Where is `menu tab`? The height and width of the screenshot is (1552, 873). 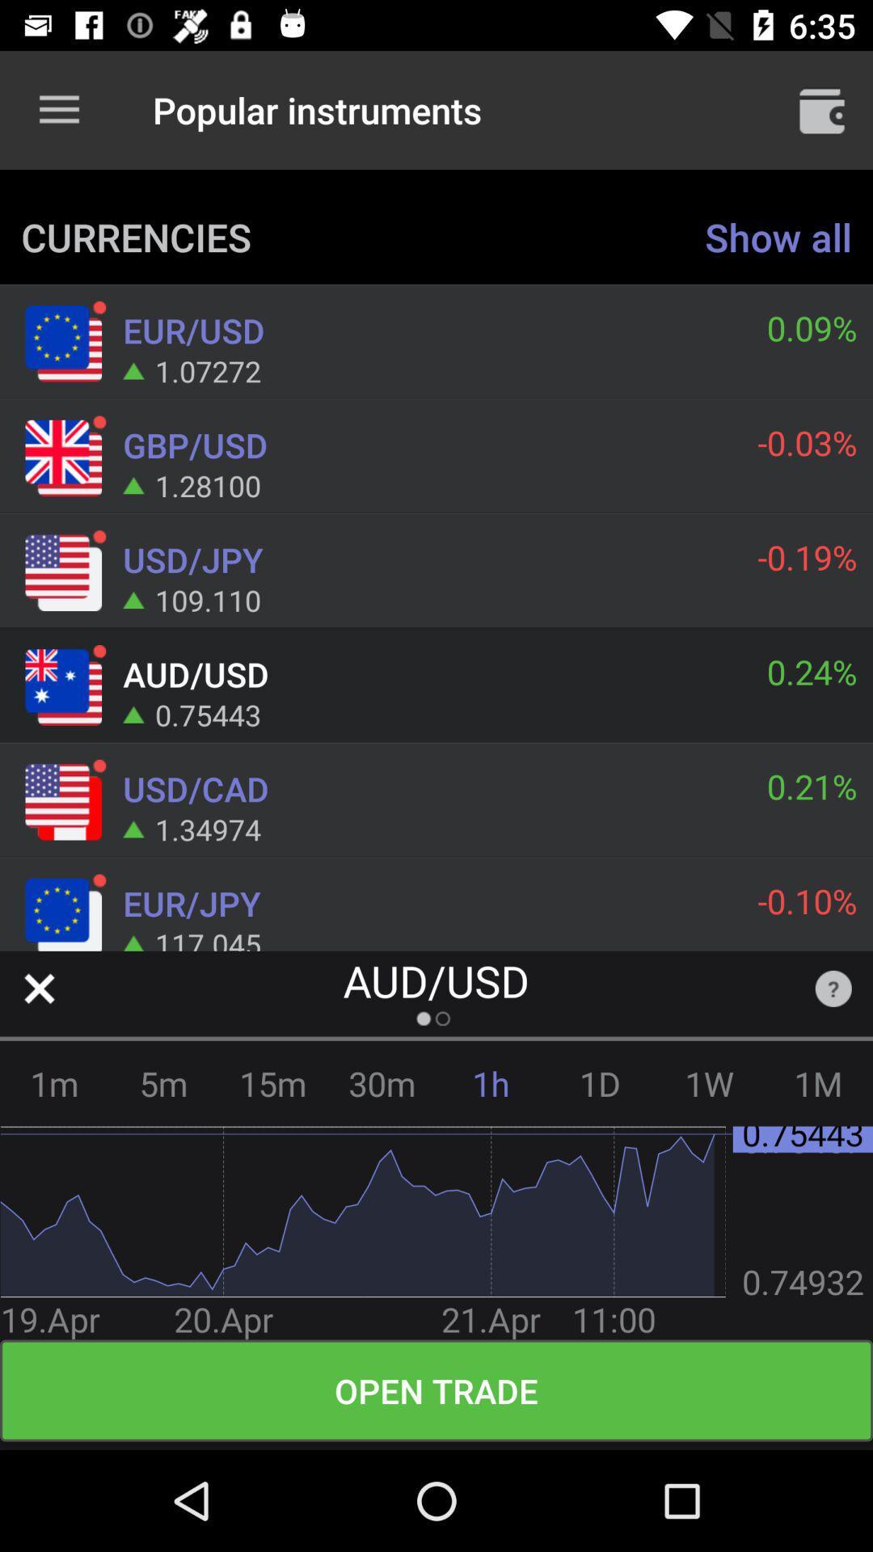
menu tab is located at coordinates (822, 109).